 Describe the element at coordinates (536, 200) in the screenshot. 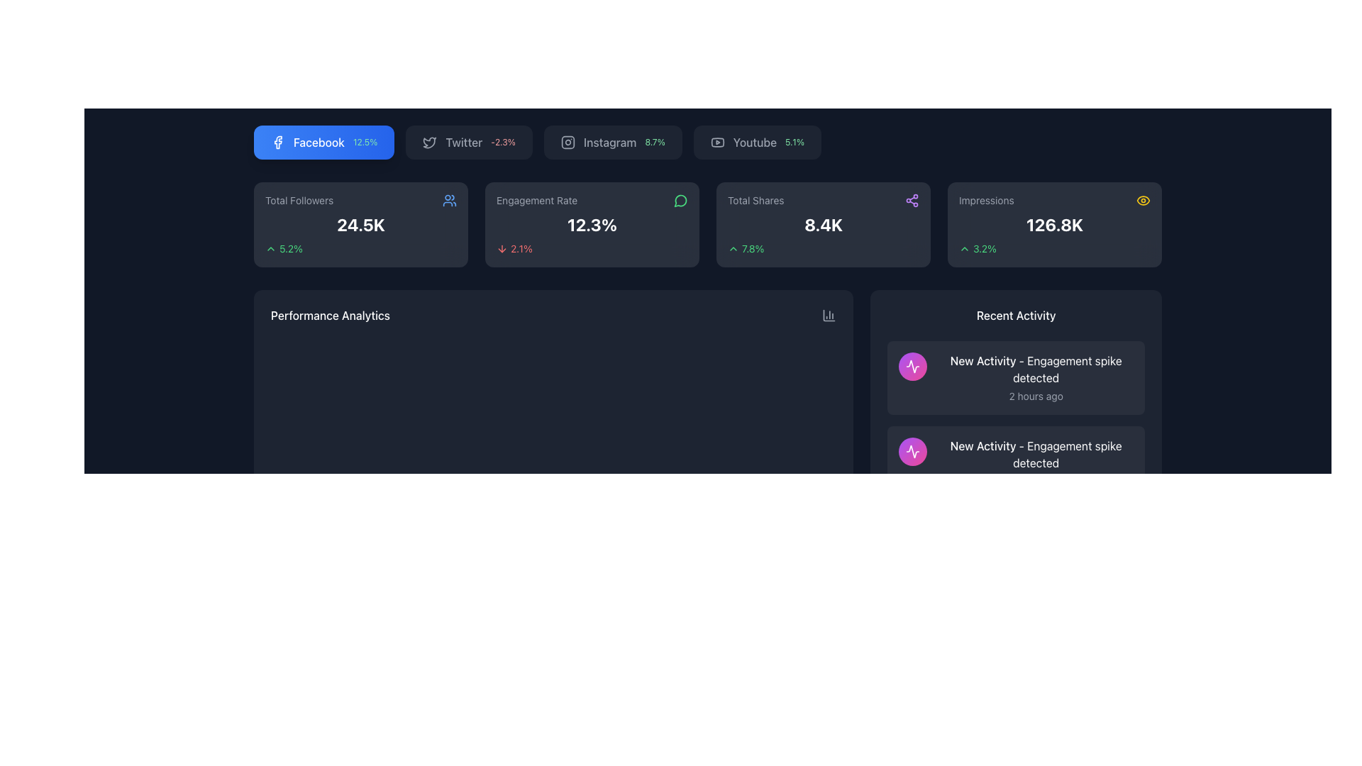

I see `the 'Engagement Rate' text label, which is a small, light gray font aligned horizontally with a green icon on its right side, located in the top center area of the second card` at that location.